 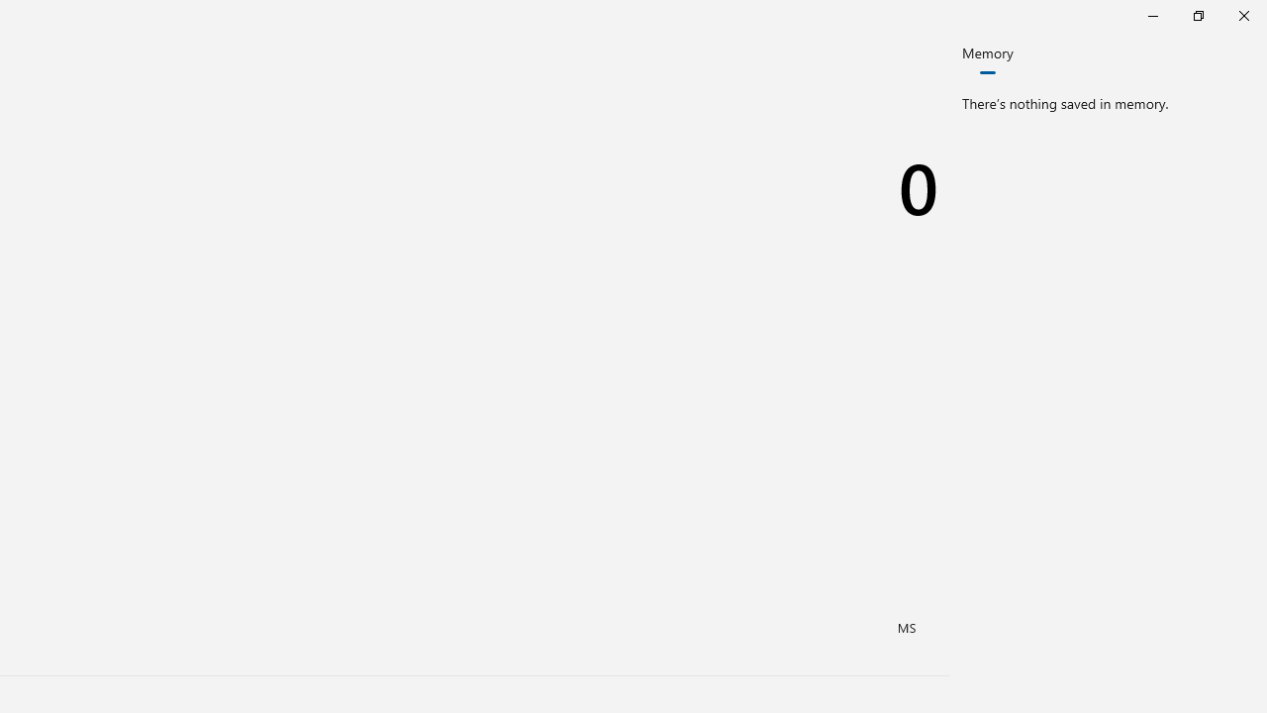 What do you see at coordinates (1242, 15) in the screenshot?
I see `'Close Calculator'` at bounding box center [1242, 15].